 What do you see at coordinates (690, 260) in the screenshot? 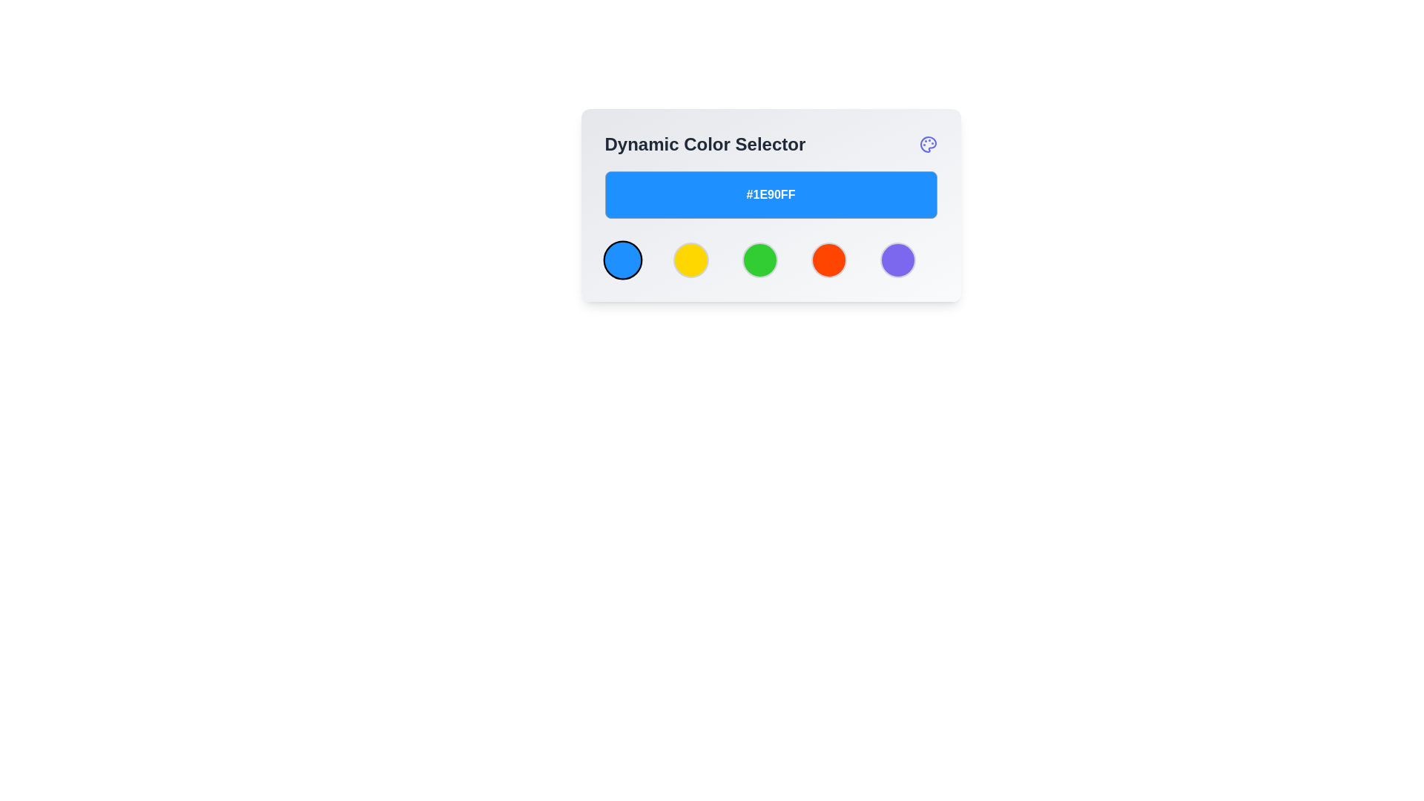
I see `the yellow color selector button, which is the second in a row of five buttons, positioned between a blue and a green button` at bounding box center [690, 260].